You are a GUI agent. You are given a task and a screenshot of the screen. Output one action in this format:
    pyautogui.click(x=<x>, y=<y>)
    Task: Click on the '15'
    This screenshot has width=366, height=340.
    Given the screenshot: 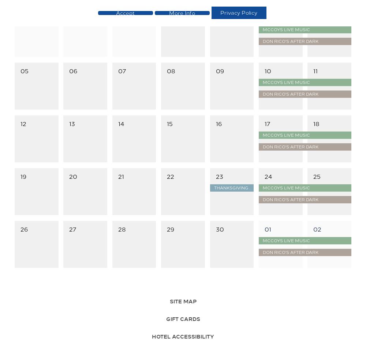 What is the action you would take?
    pyautogui.click(x=169, y=123)
    